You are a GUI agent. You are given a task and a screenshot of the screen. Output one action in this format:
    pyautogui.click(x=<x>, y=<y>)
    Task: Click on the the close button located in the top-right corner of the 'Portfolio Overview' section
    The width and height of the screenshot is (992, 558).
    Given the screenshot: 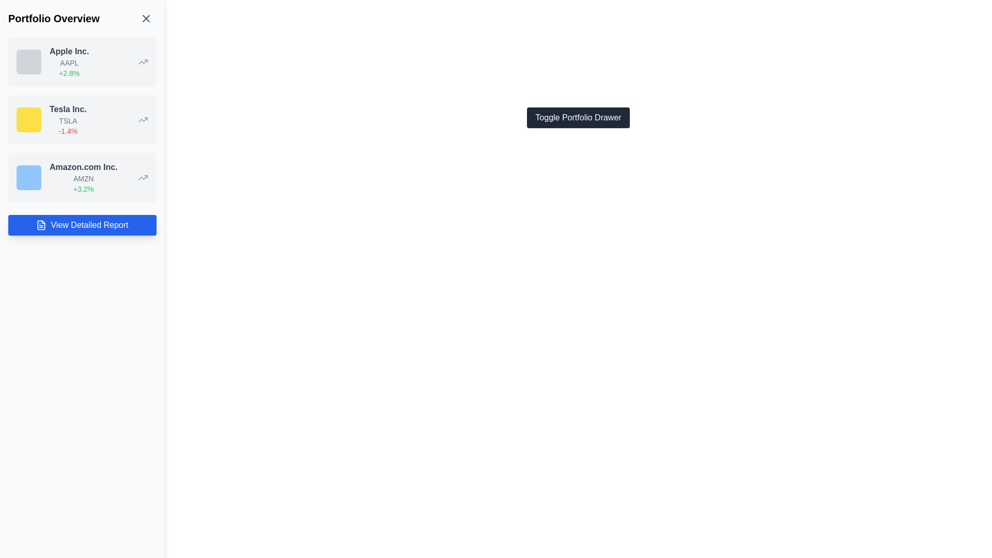 What is the action you would take?
    pyautogui.click(x=146, y=18)
    